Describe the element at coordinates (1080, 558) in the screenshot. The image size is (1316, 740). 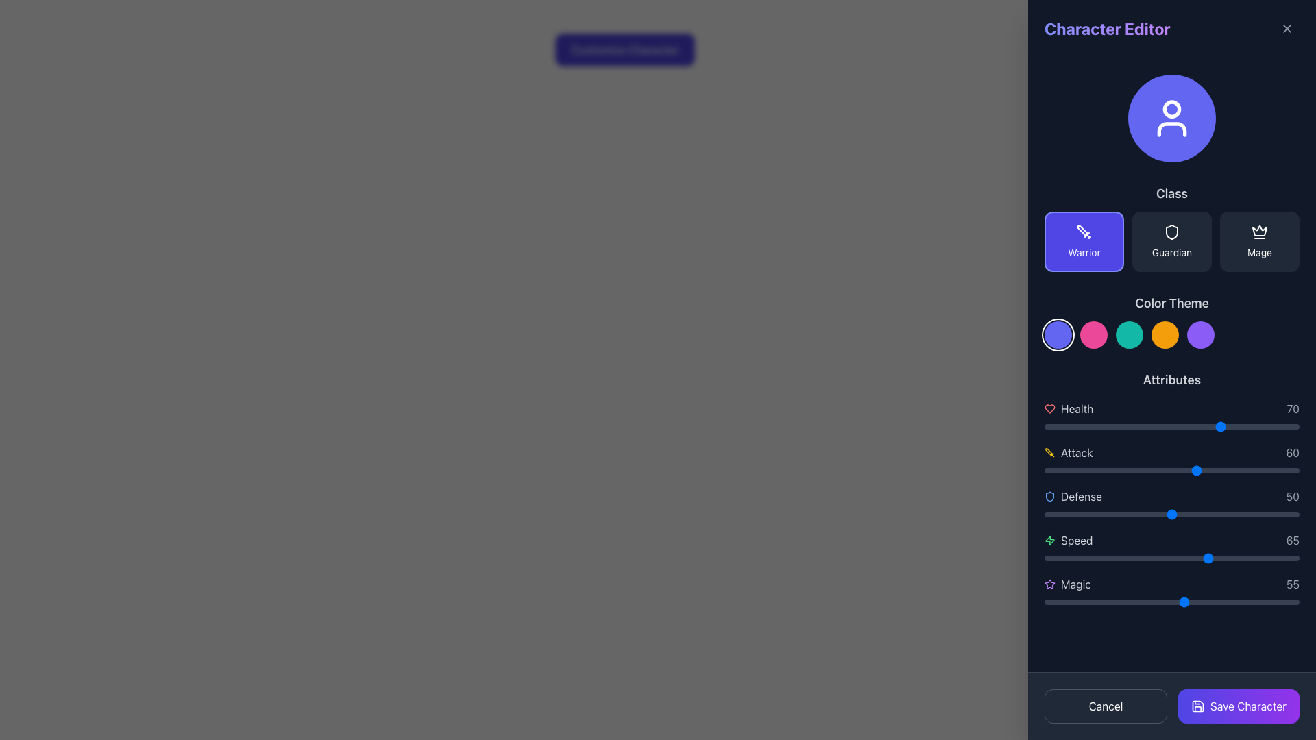
I see `the speed attribute` at that location.